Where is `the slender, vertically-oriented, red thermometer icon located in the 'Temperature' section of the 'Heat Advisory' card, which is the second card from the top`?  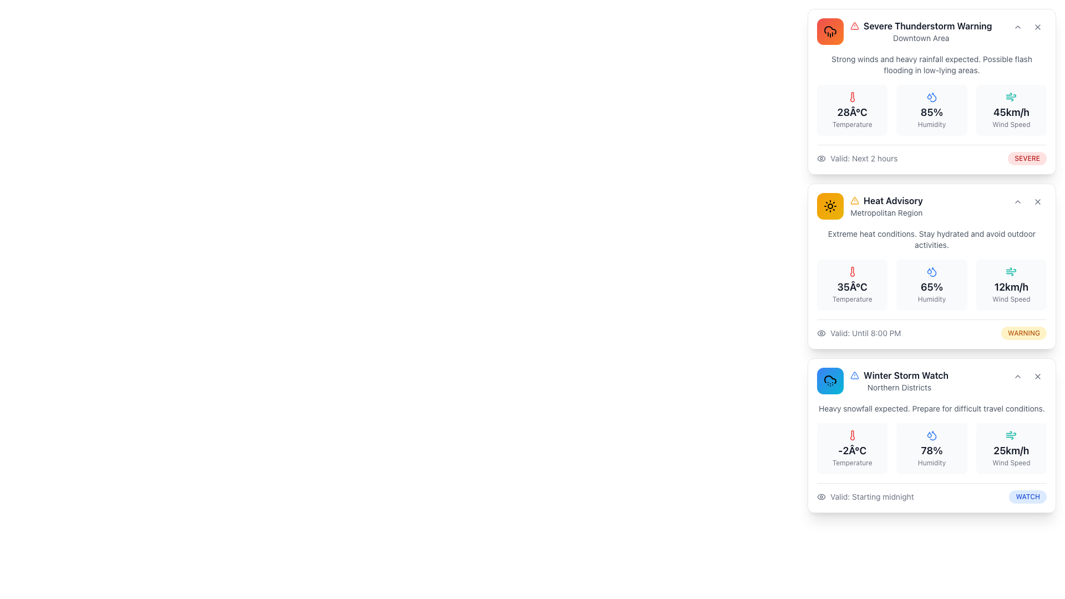 the slender, vertically-oriented, red thermometer icon located in the 'Temperature' section of the 'Heat Advisory' card, which is the second card from the top is located at coordinates (851, 271).